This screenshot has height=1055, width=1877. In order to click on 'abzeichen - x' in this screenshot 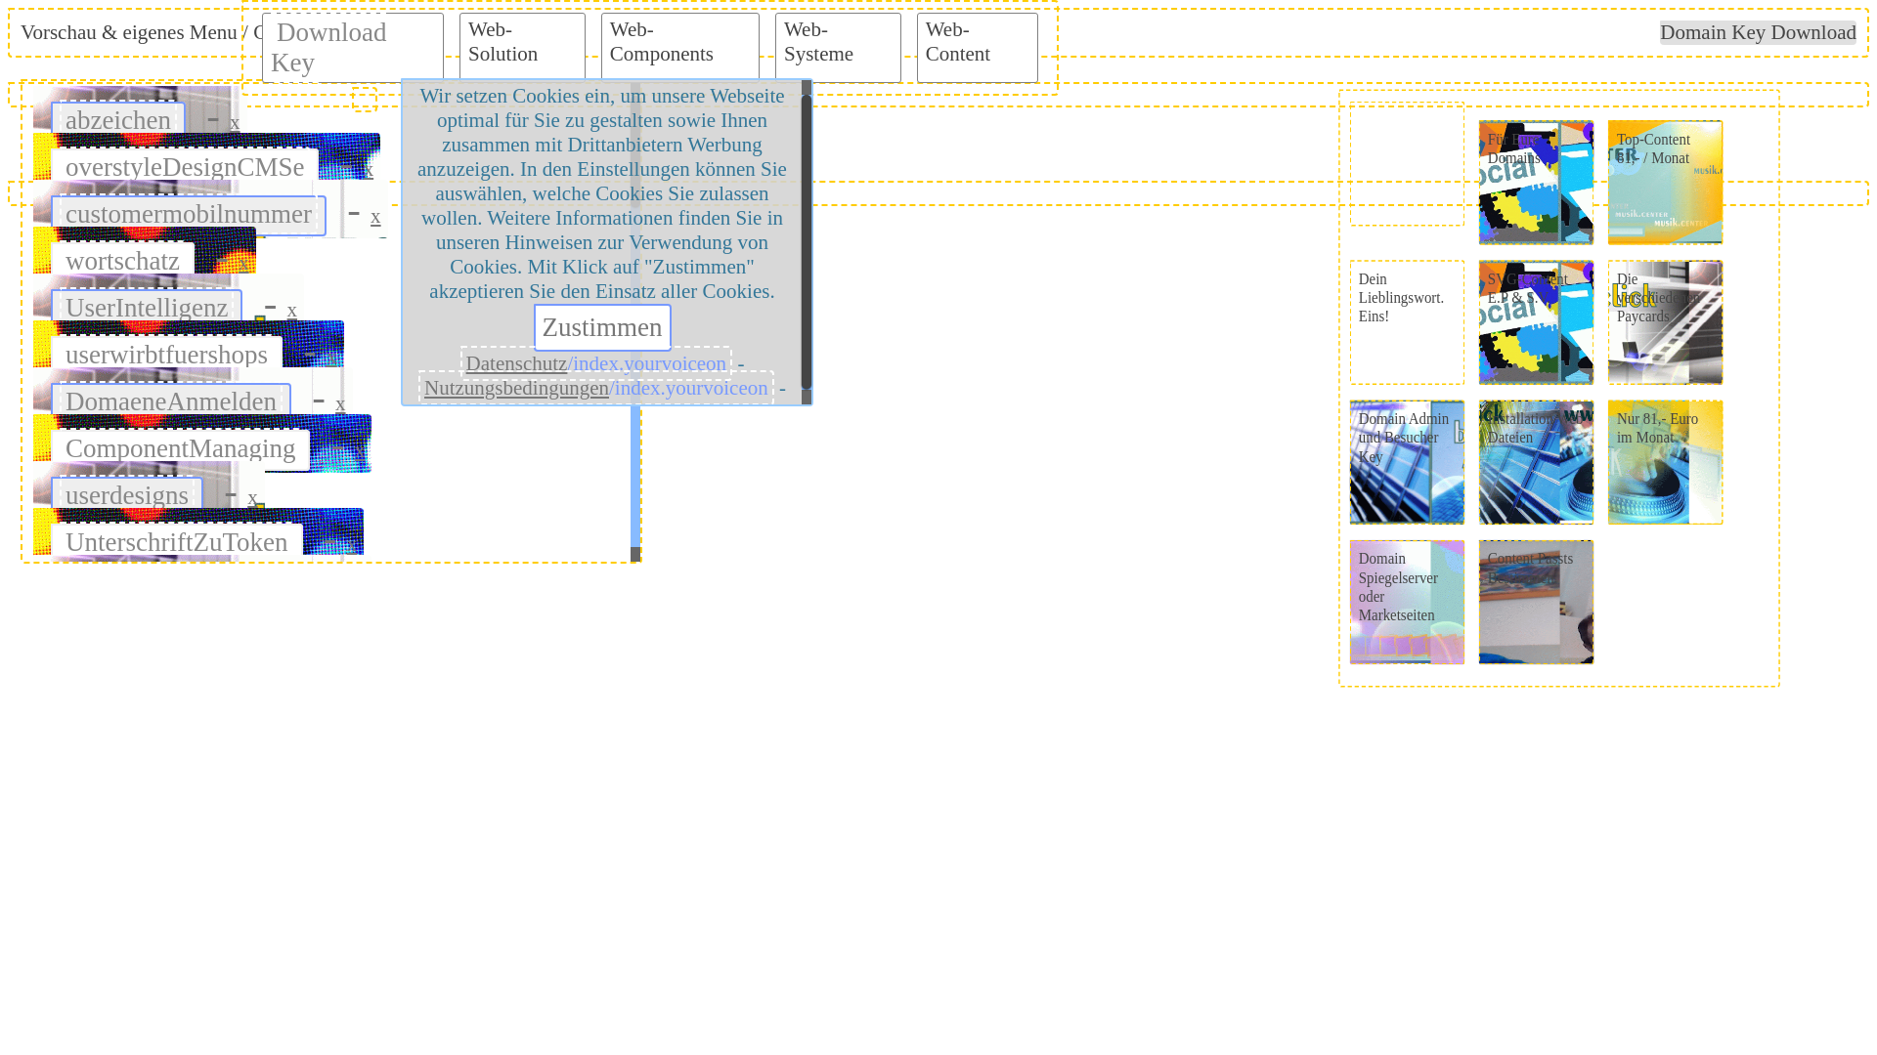, I will do `click(139, 115)`.